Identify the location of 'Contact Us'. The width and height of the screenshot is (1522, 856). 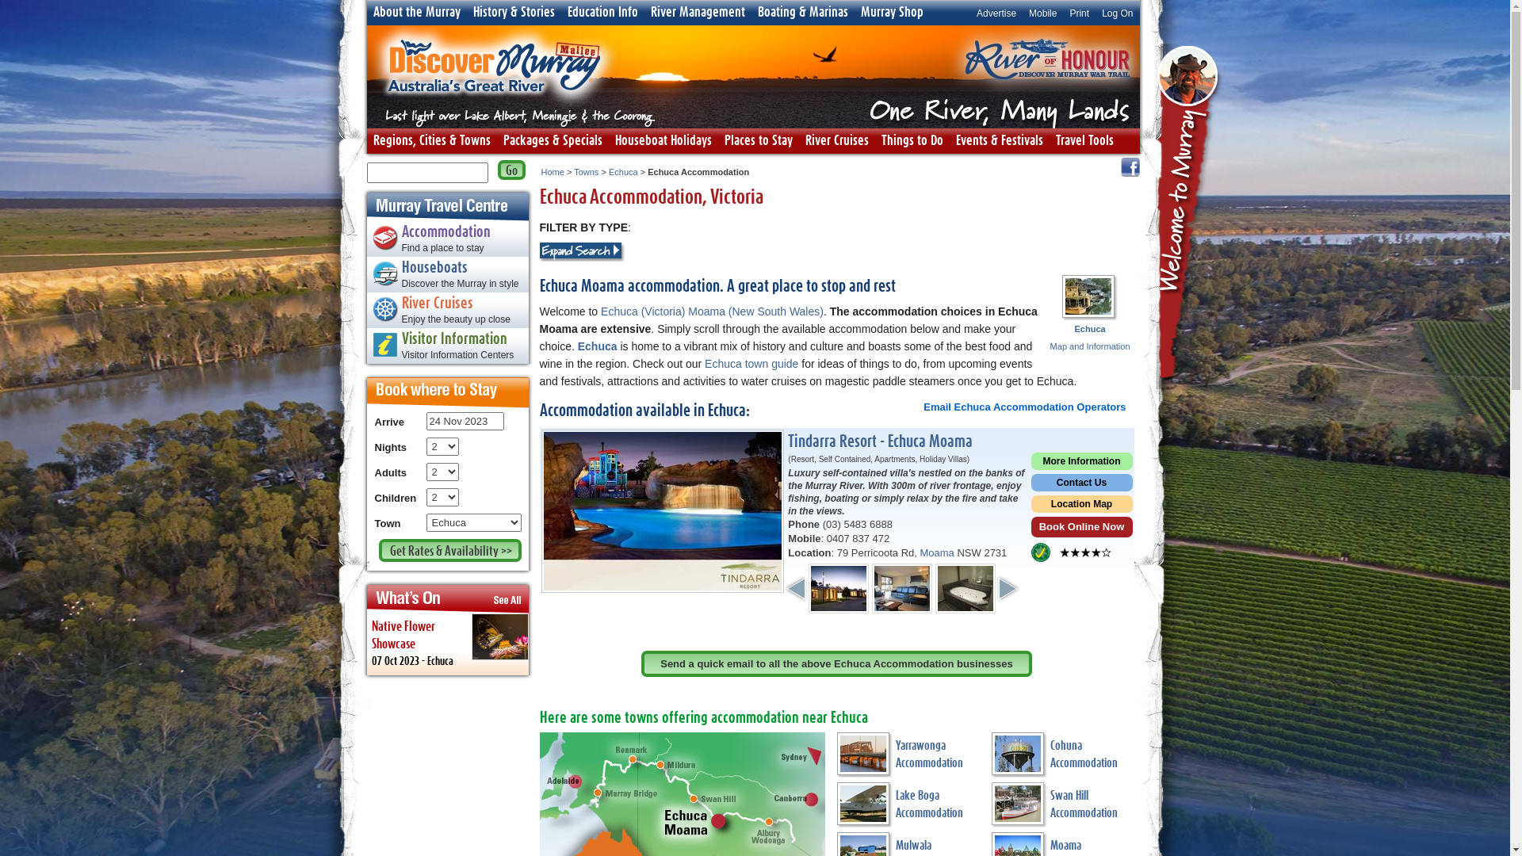
(1080, 483).